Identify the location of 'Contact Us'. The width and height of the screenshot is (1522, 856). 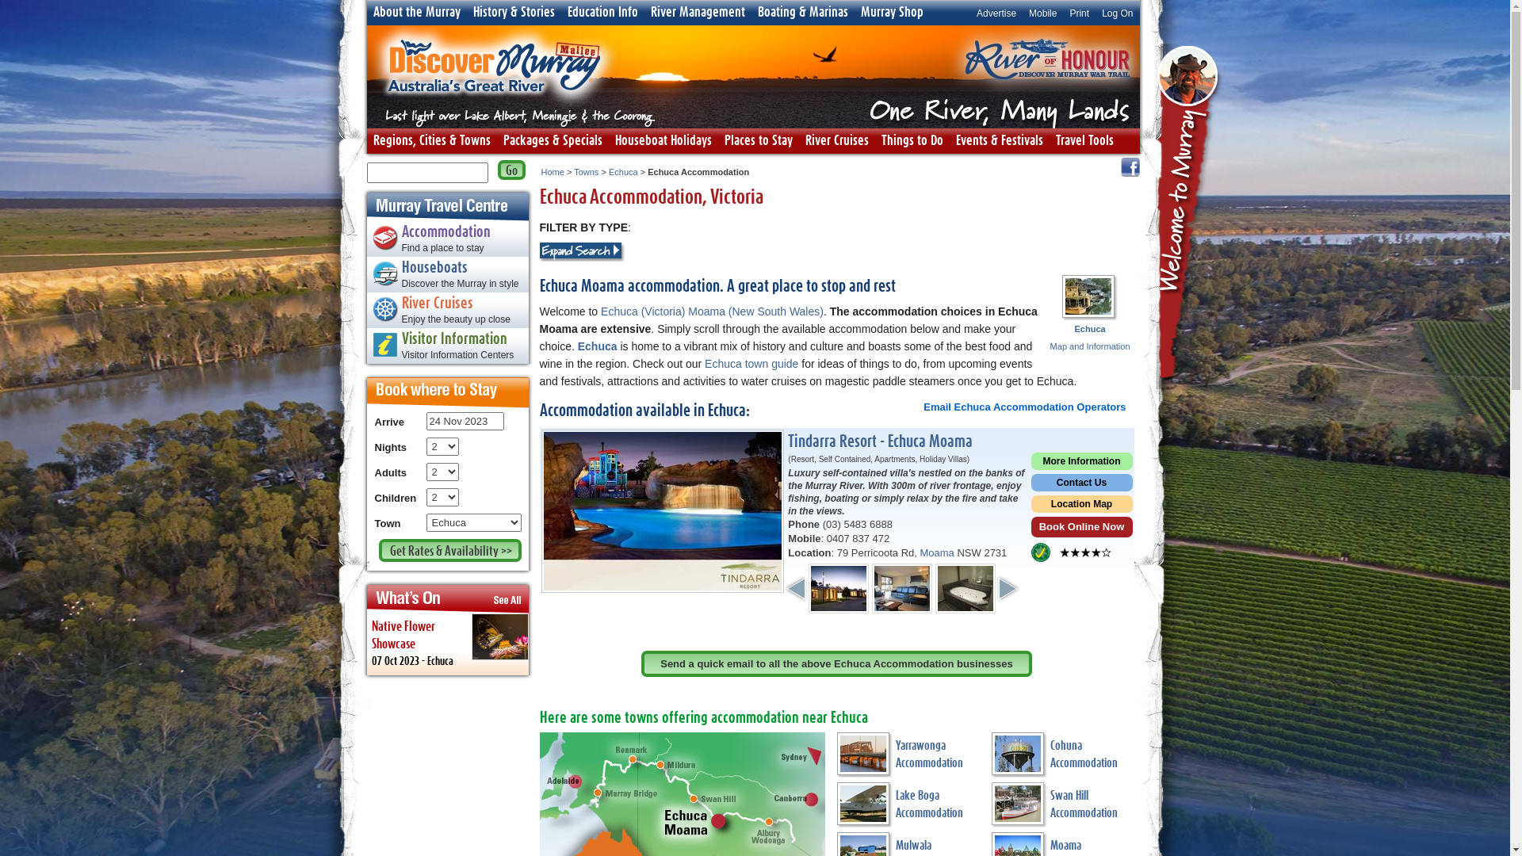
(1080, 483).